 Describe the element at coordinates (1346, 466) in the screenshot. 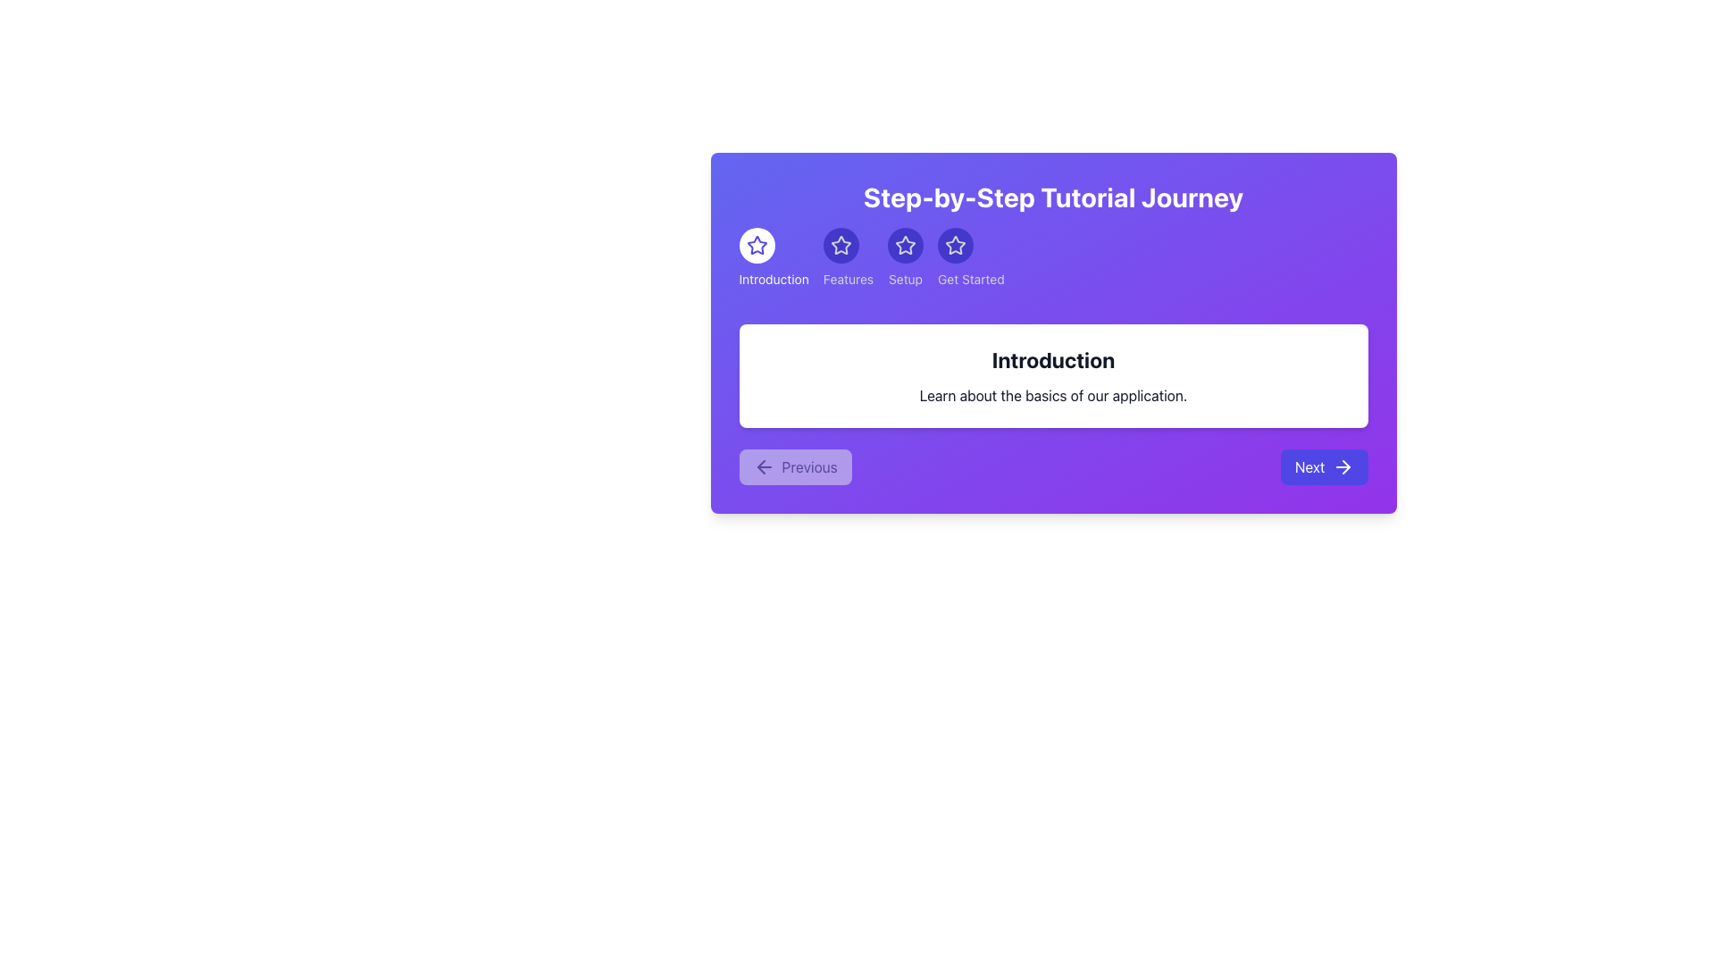

I see `the right-pointing arrow icon located at the far right side of the 'Next' button` at that location.